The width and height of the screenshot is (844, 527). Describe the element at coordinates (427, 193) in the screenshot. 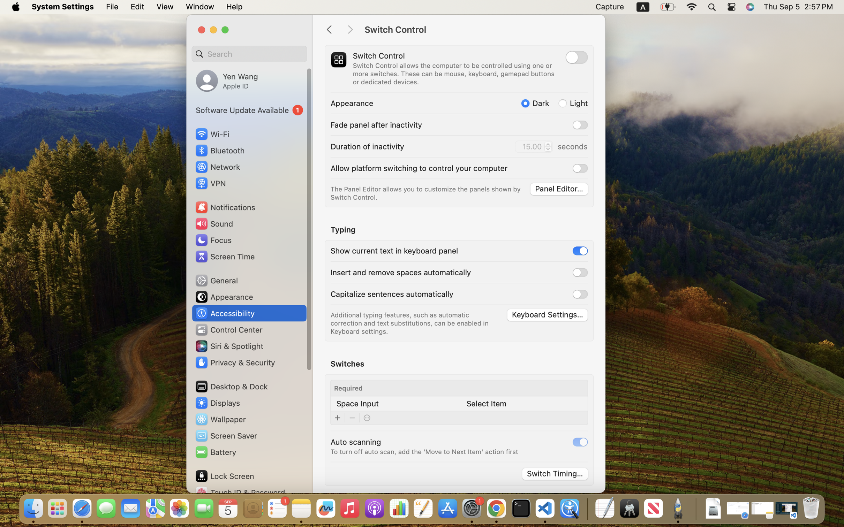

I see `'The Panel Editor allows you to customize the panels shown by Switch Control.'` at that location.